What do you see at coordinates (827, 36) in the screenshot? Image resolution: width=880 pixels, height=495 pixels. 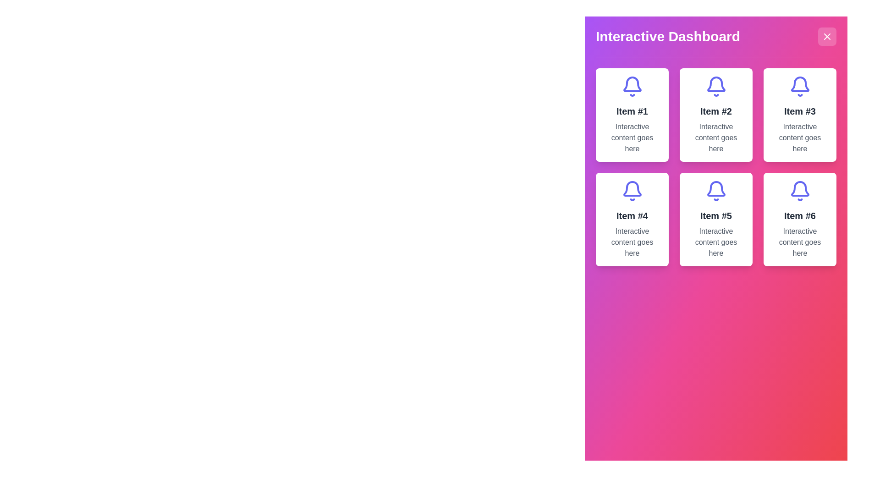 I see `the close button icon located in the upper-right corner of the 'Interactive Dashboard', which is represented by an 'X' shape with a bold outline` at bounding box center [827, 36].